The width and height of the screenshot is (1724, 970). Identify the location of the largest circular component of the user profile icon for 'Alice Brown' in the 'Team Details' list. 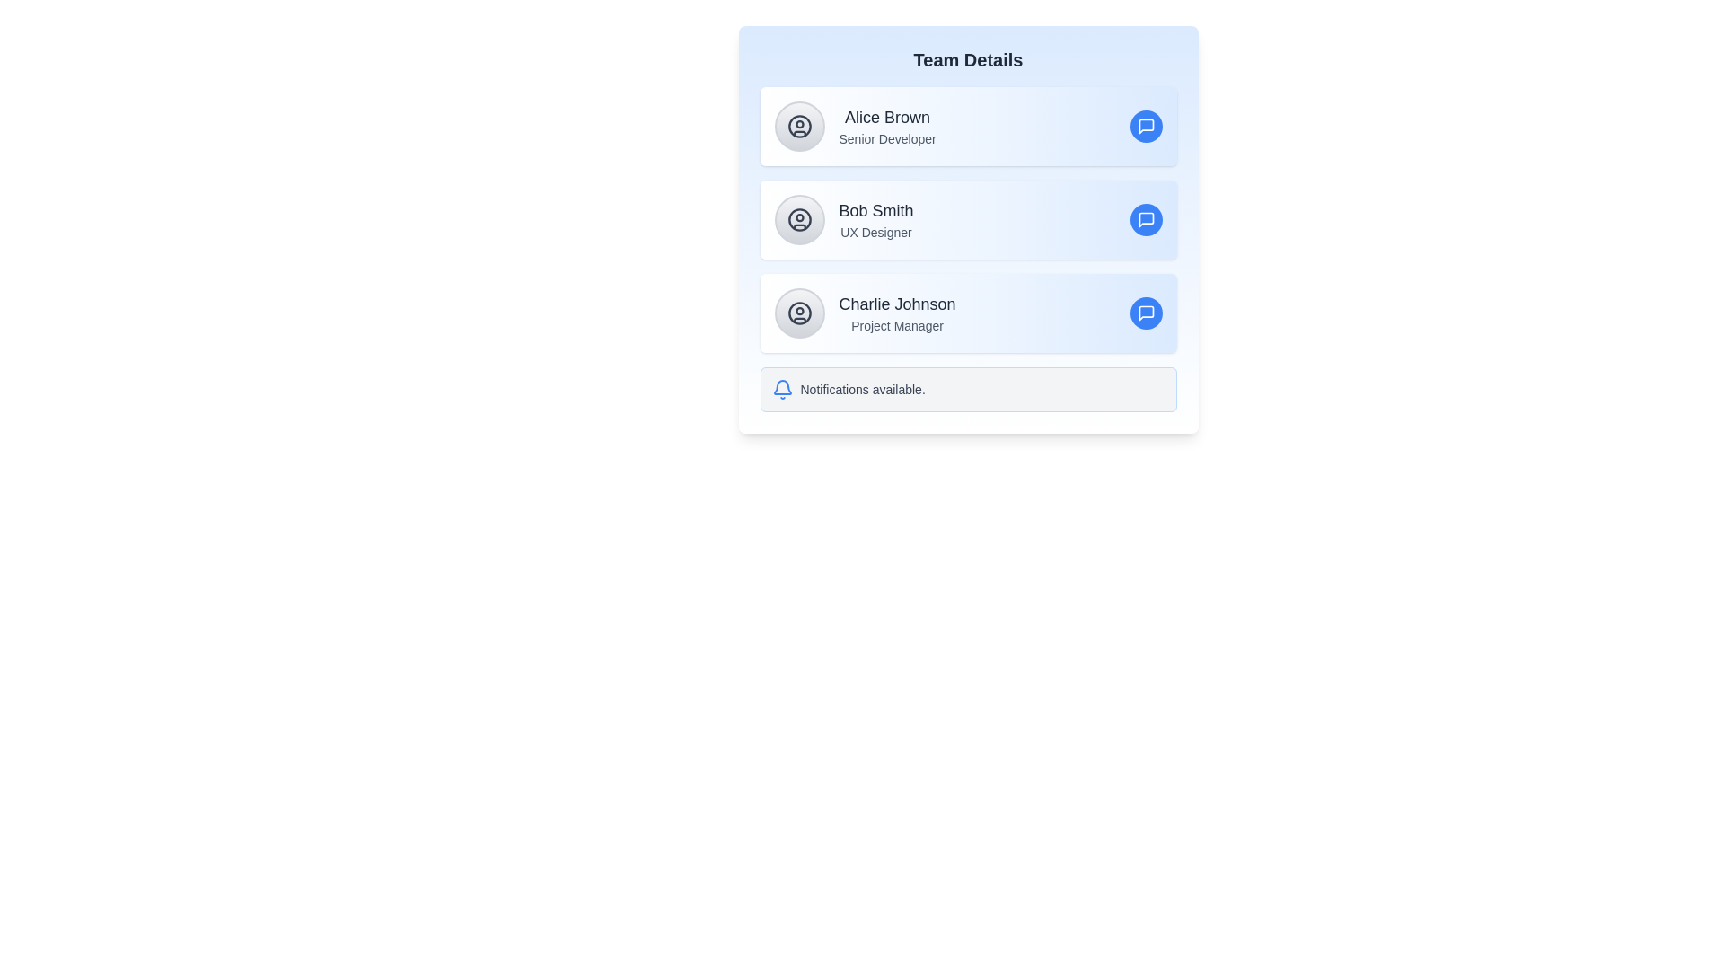
(798, 126).